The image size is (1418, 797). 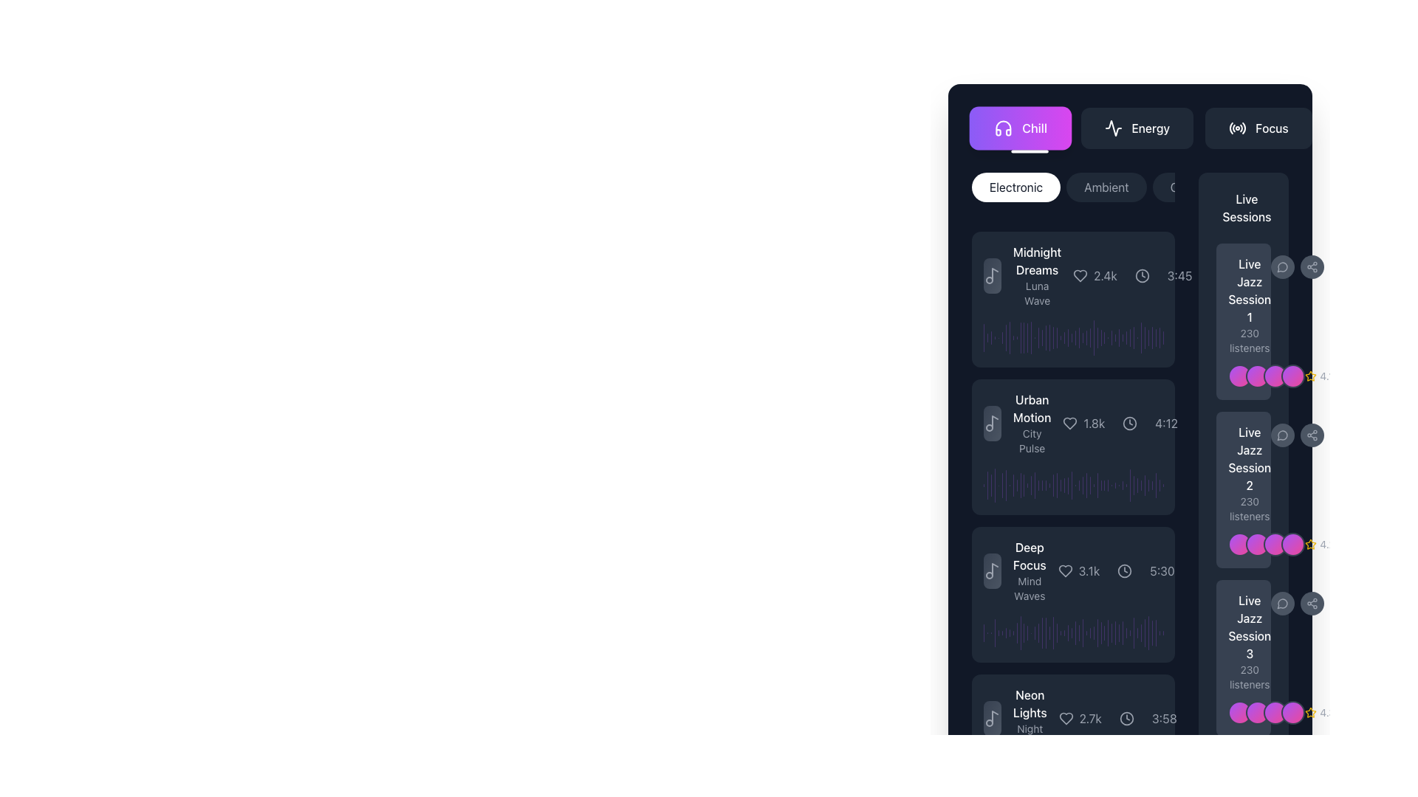 What do you see at coordinates (1155, 338) in the screenshot?
I see `the 42nd vertical bar in the sequence of decorative or indicative visual elements located towards the right edge of the interface` at bounding box center [1155, 338].